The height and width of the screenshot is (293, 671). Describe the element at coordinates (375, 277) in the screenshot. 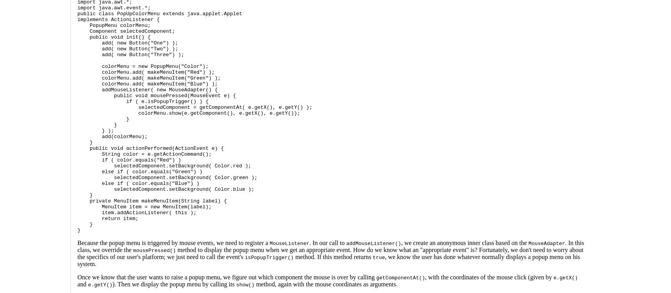

I see `'getComponentAt()'` at that location.